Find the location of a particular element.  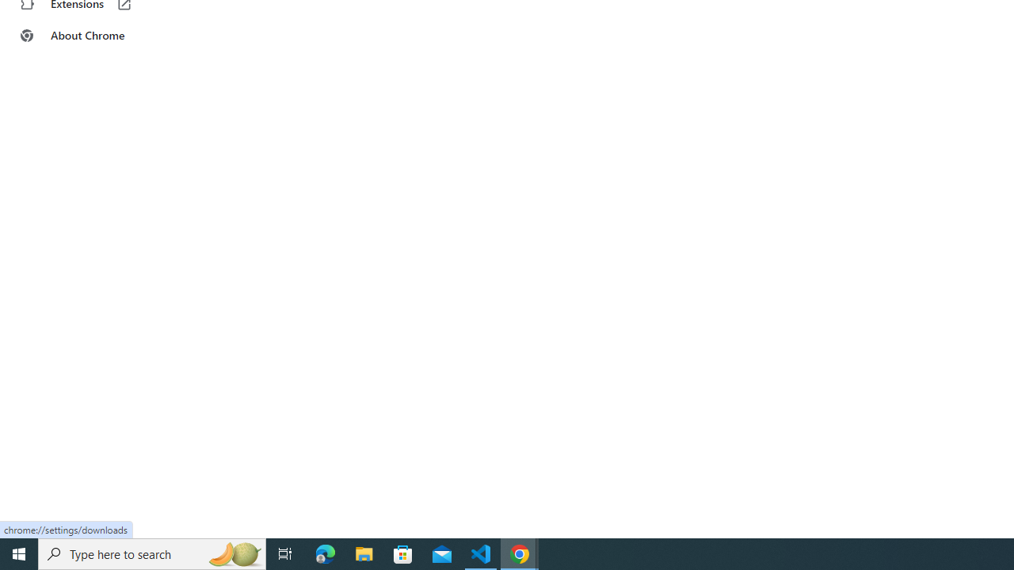

'About Chrome' is located at coordinates (97, 36).